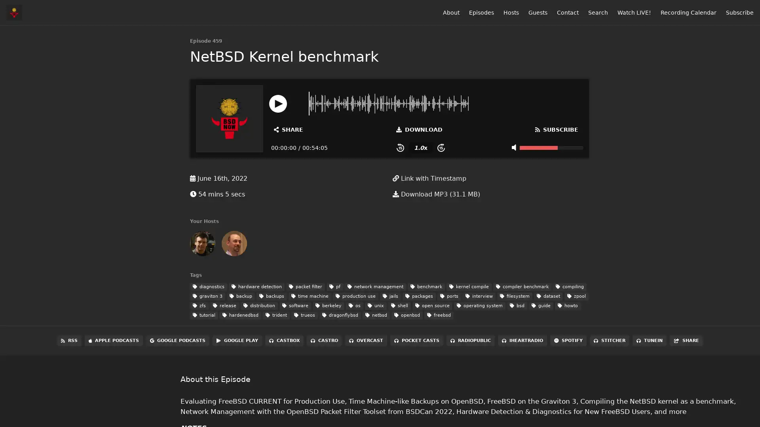  Describe the element at coordinates (441, 147) in the screenshot. I see `Skip Forward 15 Seconds` at that location.